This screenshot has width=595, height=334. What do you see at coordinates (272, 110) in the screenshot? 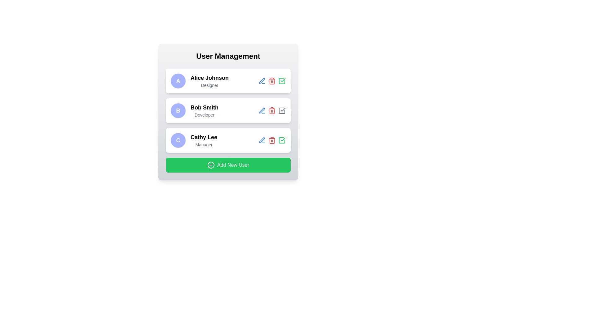
I see `the red trash can icon button, which signifies a delete action, located in the rightmost section of Bob Smith's user card` at bounding box center [272, 110].